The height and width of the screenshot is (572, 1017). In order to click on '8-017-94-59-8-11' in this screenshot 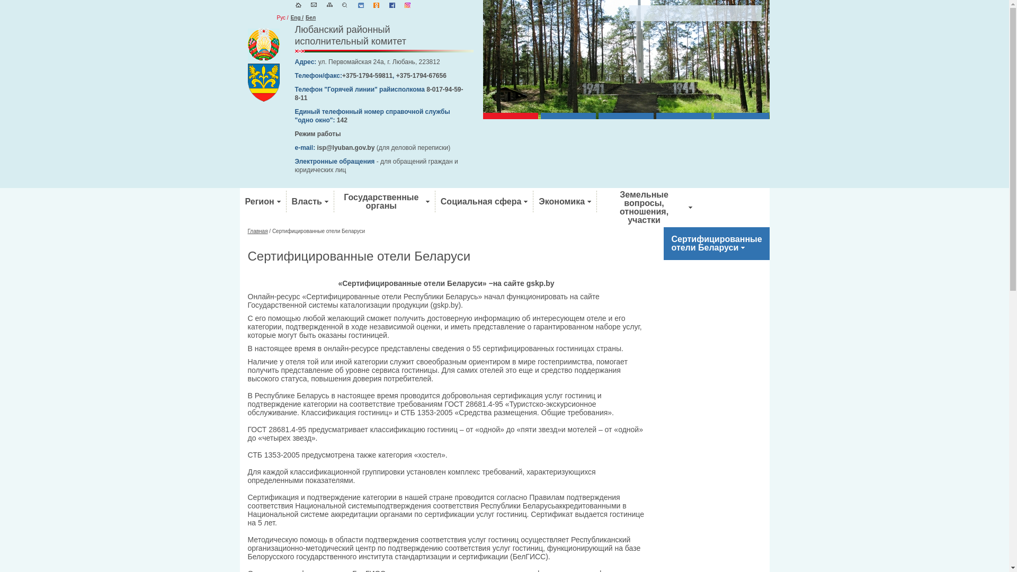, I will do `click(379, 93)`.